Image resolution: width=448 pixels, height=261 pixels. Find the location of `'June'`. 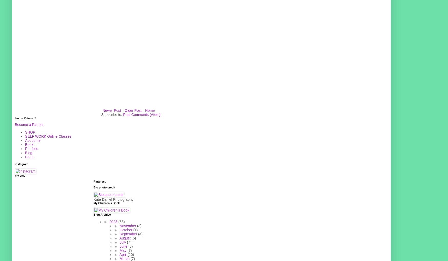

'June' is located at coordinates (123, 246).